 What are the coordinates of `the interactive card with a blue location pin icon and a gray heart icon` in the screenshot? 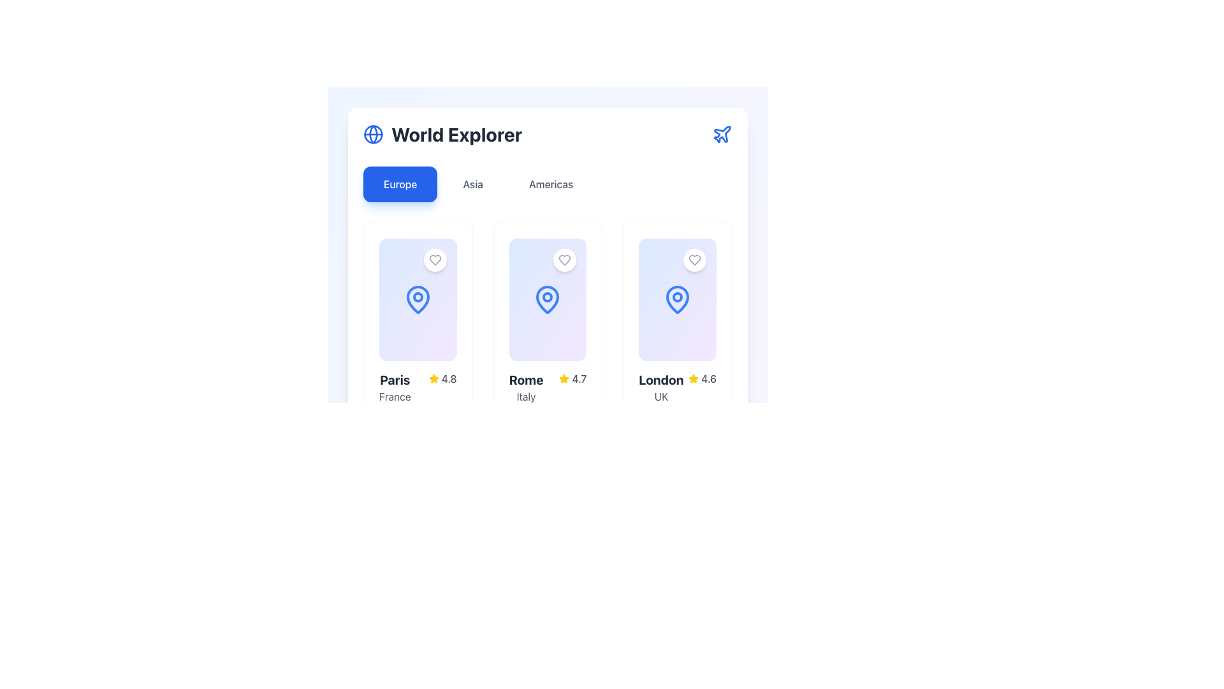 It's located at (548, 300).